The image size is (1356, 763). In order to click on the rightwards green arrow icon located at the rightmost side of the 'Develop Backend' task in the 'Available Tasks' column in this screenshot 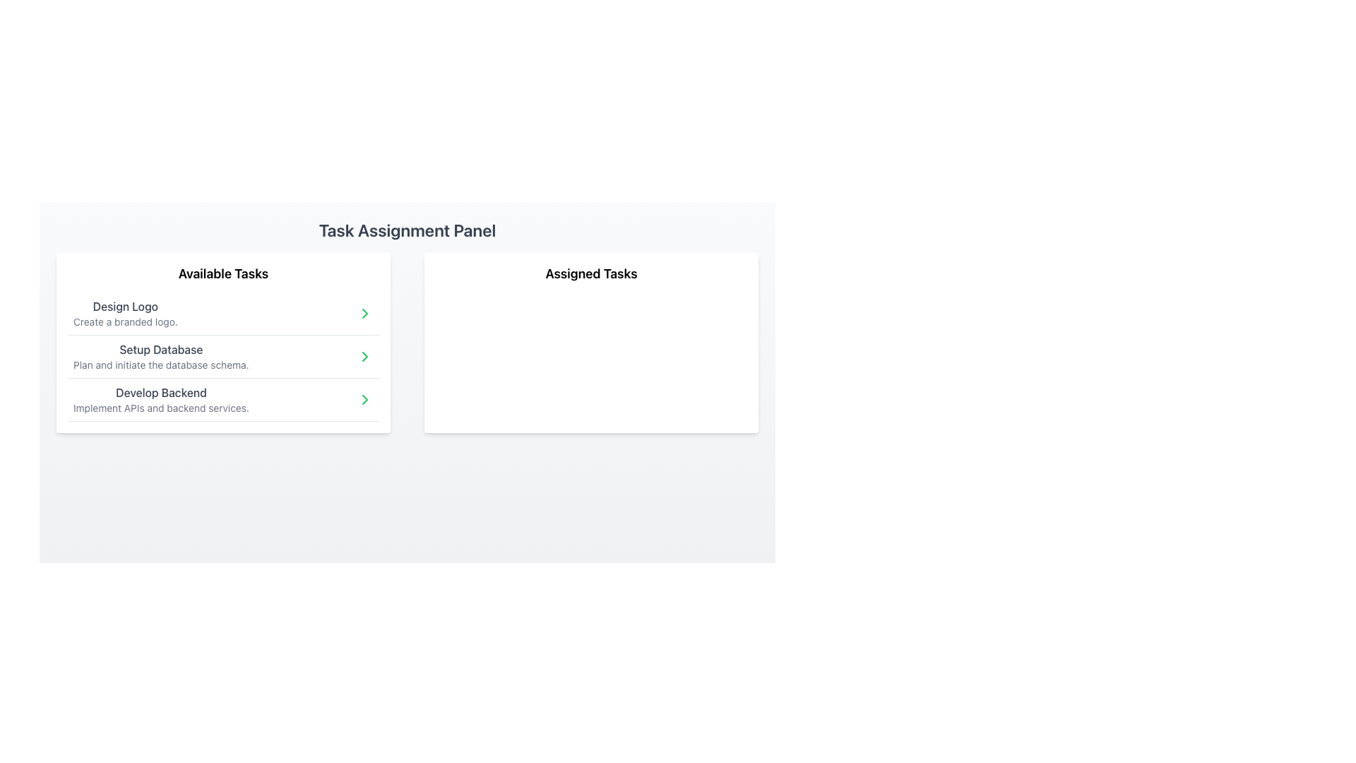, I will do `click(365, 400)`.